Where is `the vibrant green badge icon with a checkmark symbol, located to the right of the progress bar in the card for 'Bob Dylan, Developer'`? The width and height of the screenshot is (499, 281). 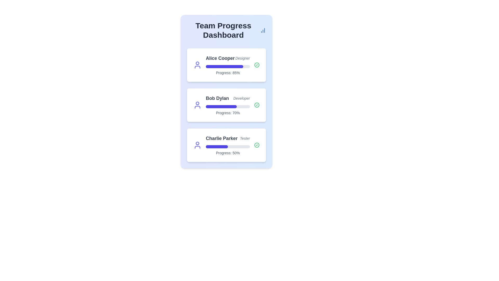 the vibrant green badge icon with a checkmark symbol, located to the right of the progress bar in the card for 'Bob Dylan, Developer' is located at coordinates (257, 105).